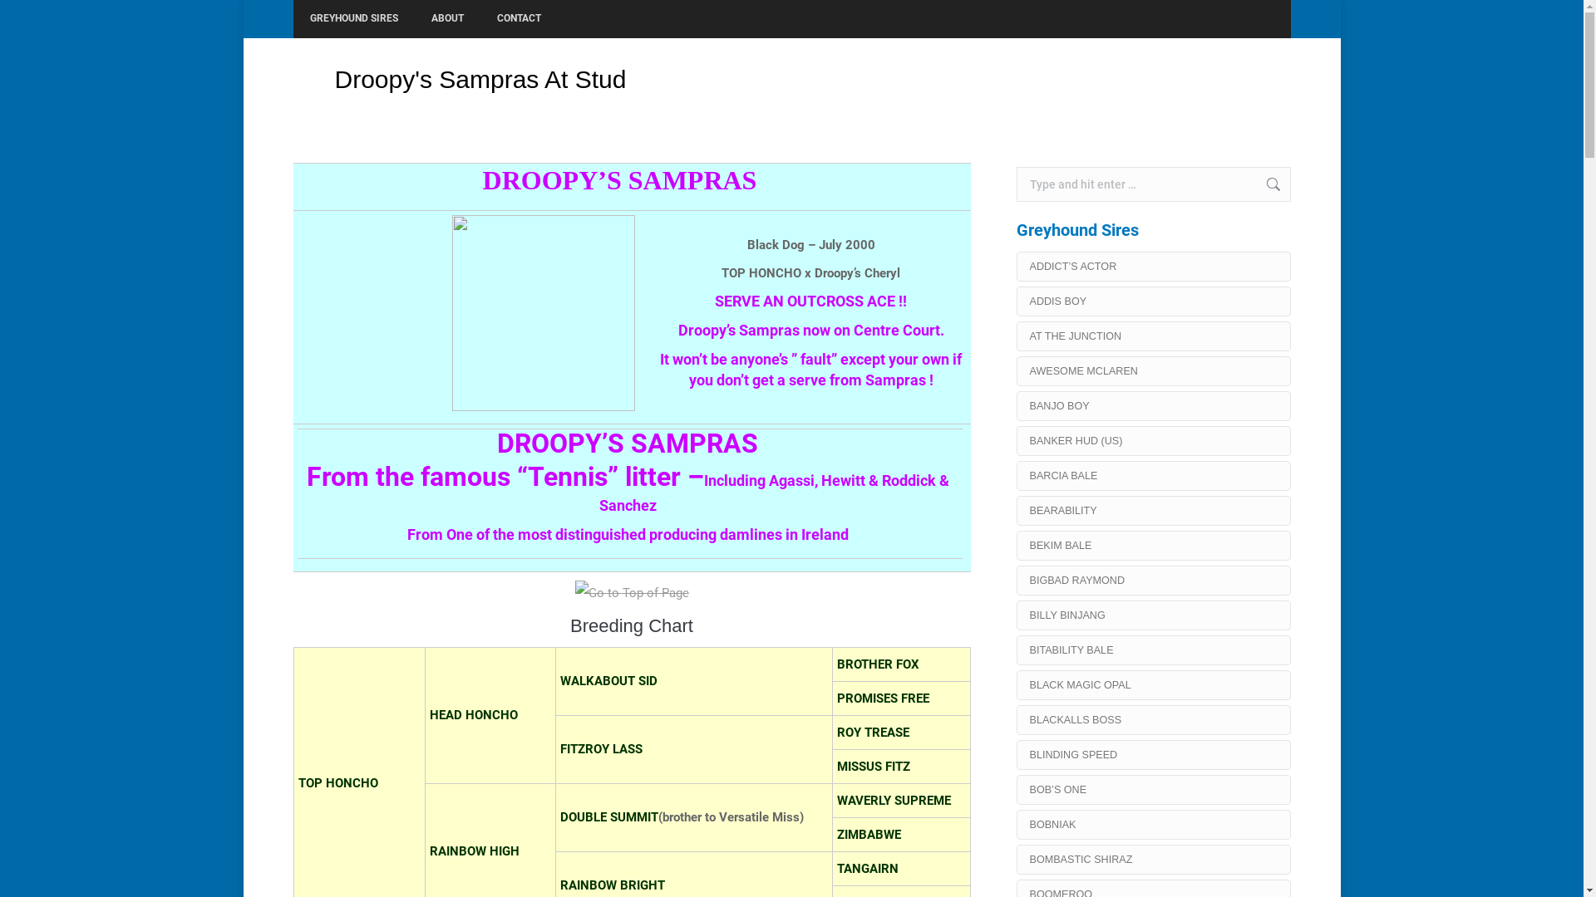 Image resolution: width=1596 pixels, height=897 pixels. I want to click on 'BIGBAD RAYMOND', so click(1152, 579).